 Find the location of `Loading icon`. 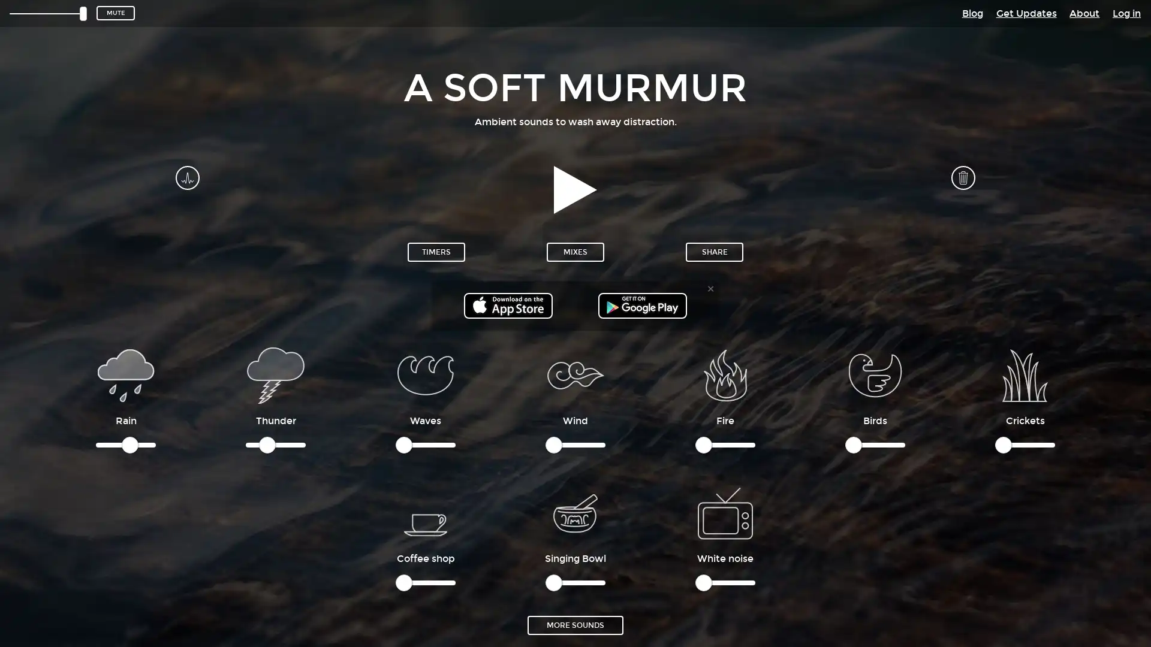

Loading icon is located at coordinates (724, 374).